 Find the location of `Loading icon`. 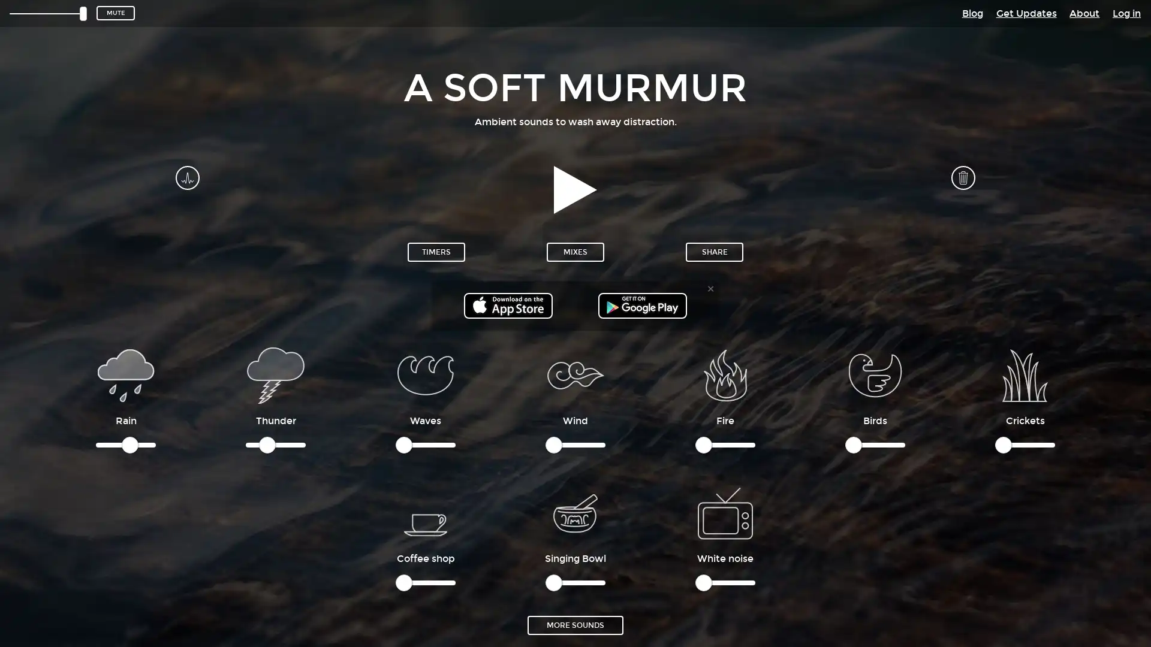

Loading icon is located at coordinates (724, 374).